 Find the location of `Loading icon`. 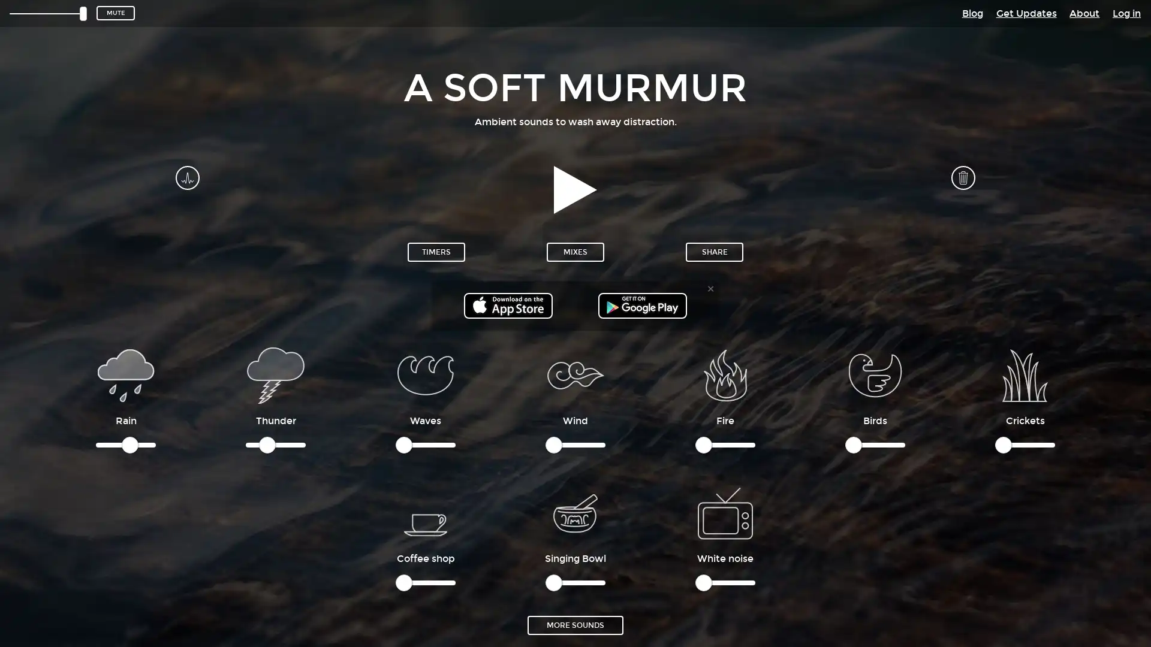

Loading icon is located at coordinates (724, 374).